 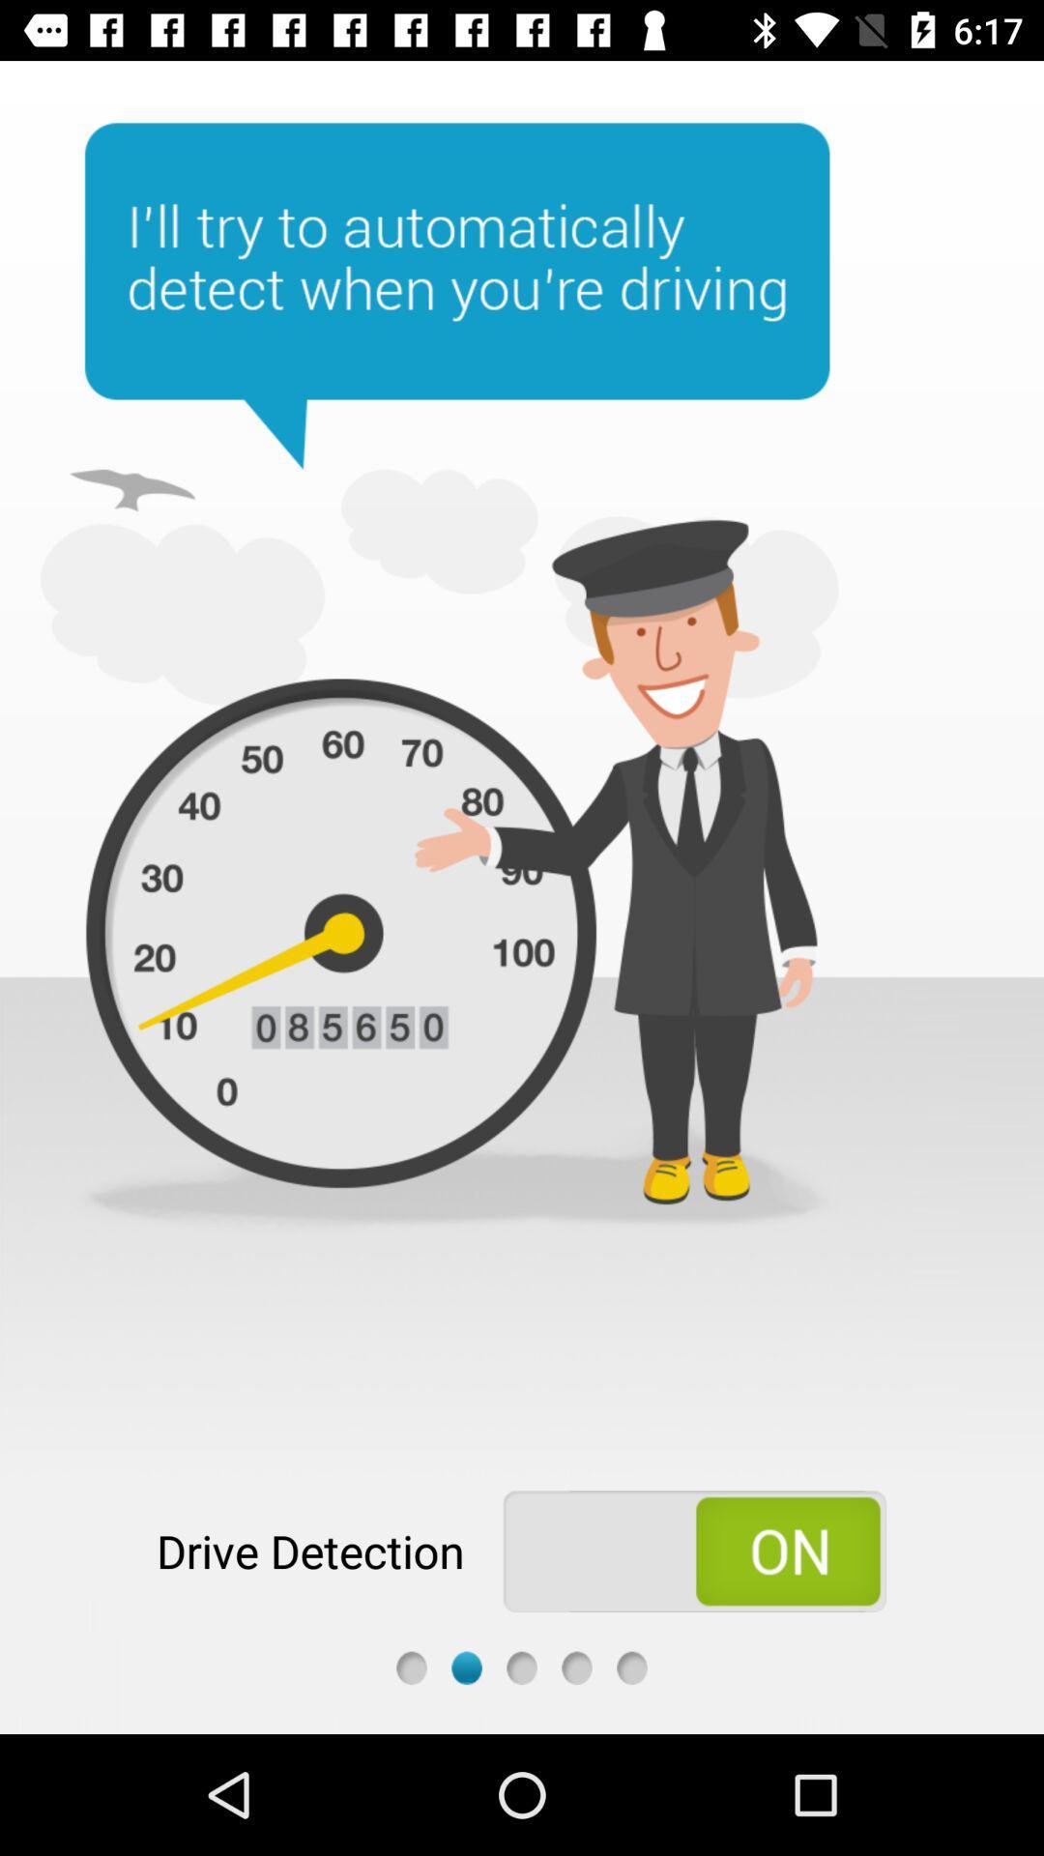 I want to click on fifth step, so click(x=632, y=1667).